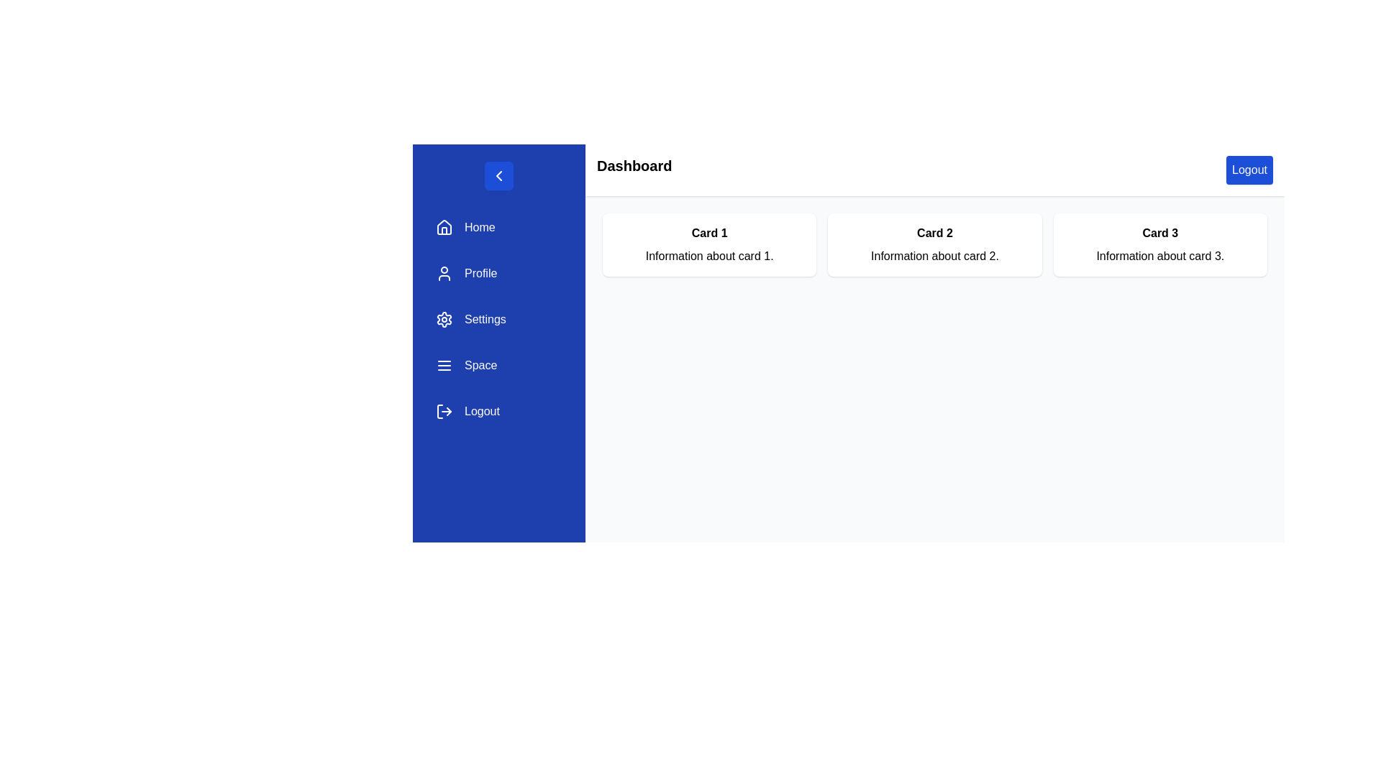  I want to click on the Text label located in the second card, positioned below the title text 'Card 2', so click(935, 256).